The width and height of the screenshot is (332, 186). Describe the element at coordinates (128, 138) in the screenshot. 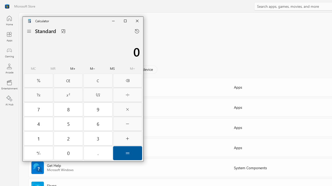

I see `'Plus'` at that location.